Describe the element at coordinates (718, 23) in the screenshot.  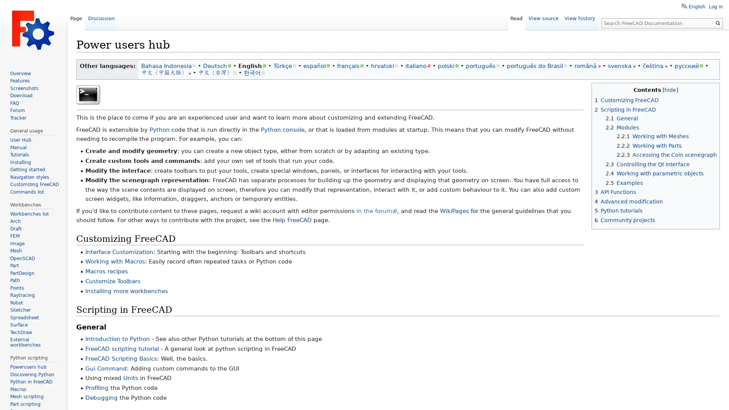
I see `Go` at that location.